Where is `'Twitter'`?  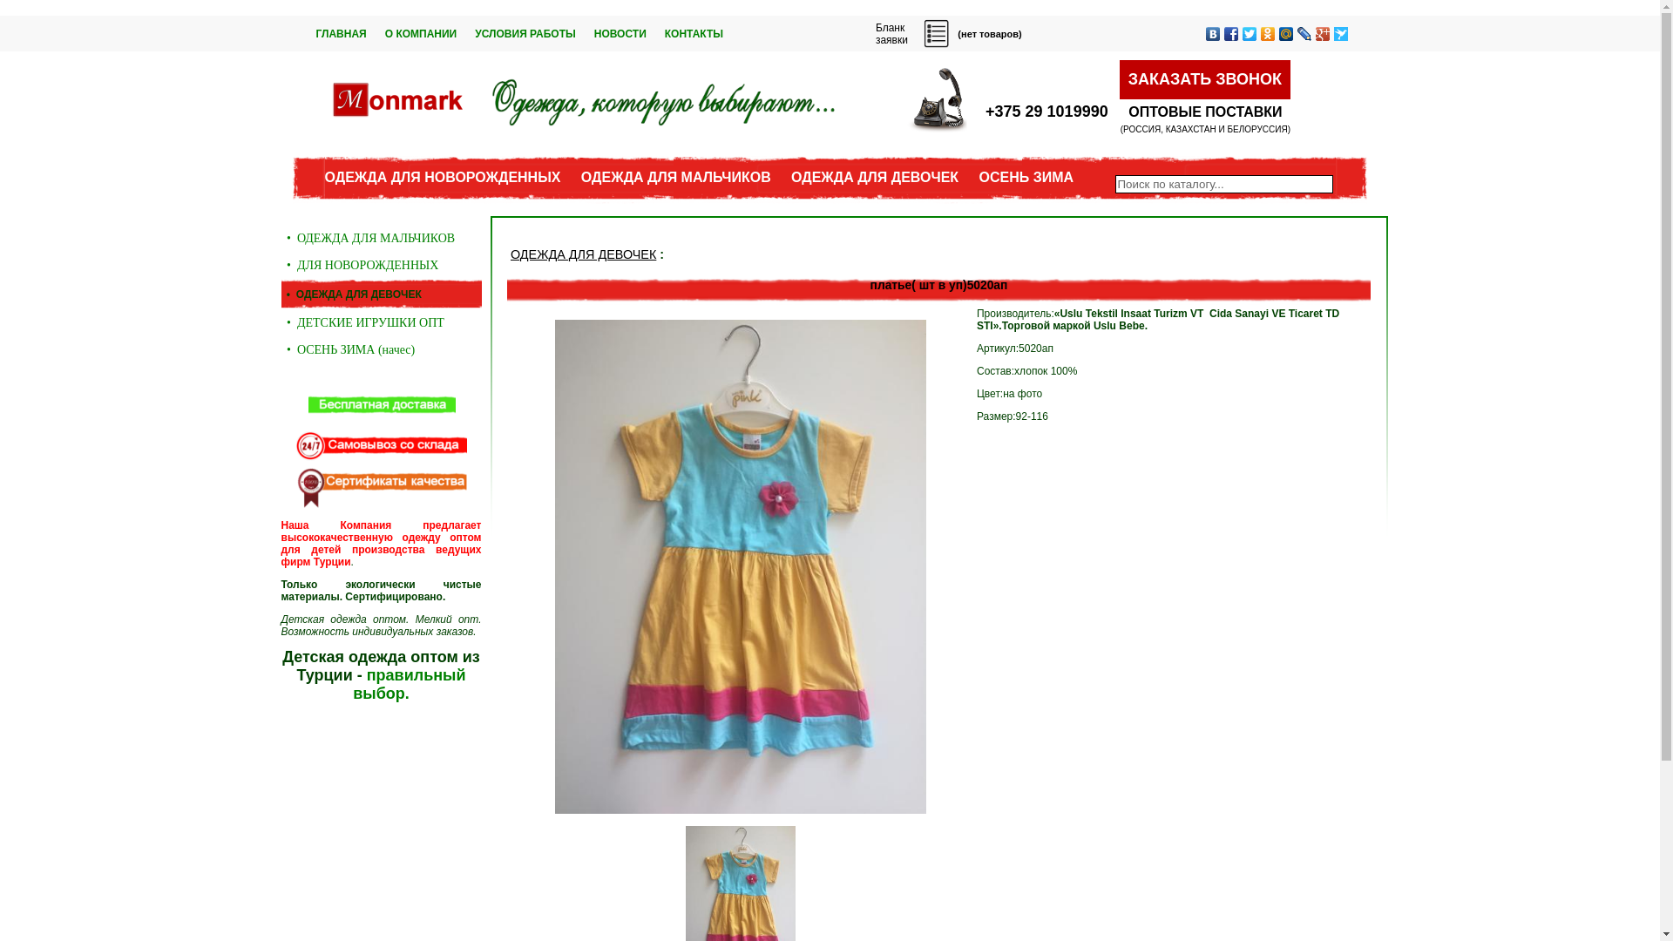 'Twitter' is located at coordinates (1249, 33).